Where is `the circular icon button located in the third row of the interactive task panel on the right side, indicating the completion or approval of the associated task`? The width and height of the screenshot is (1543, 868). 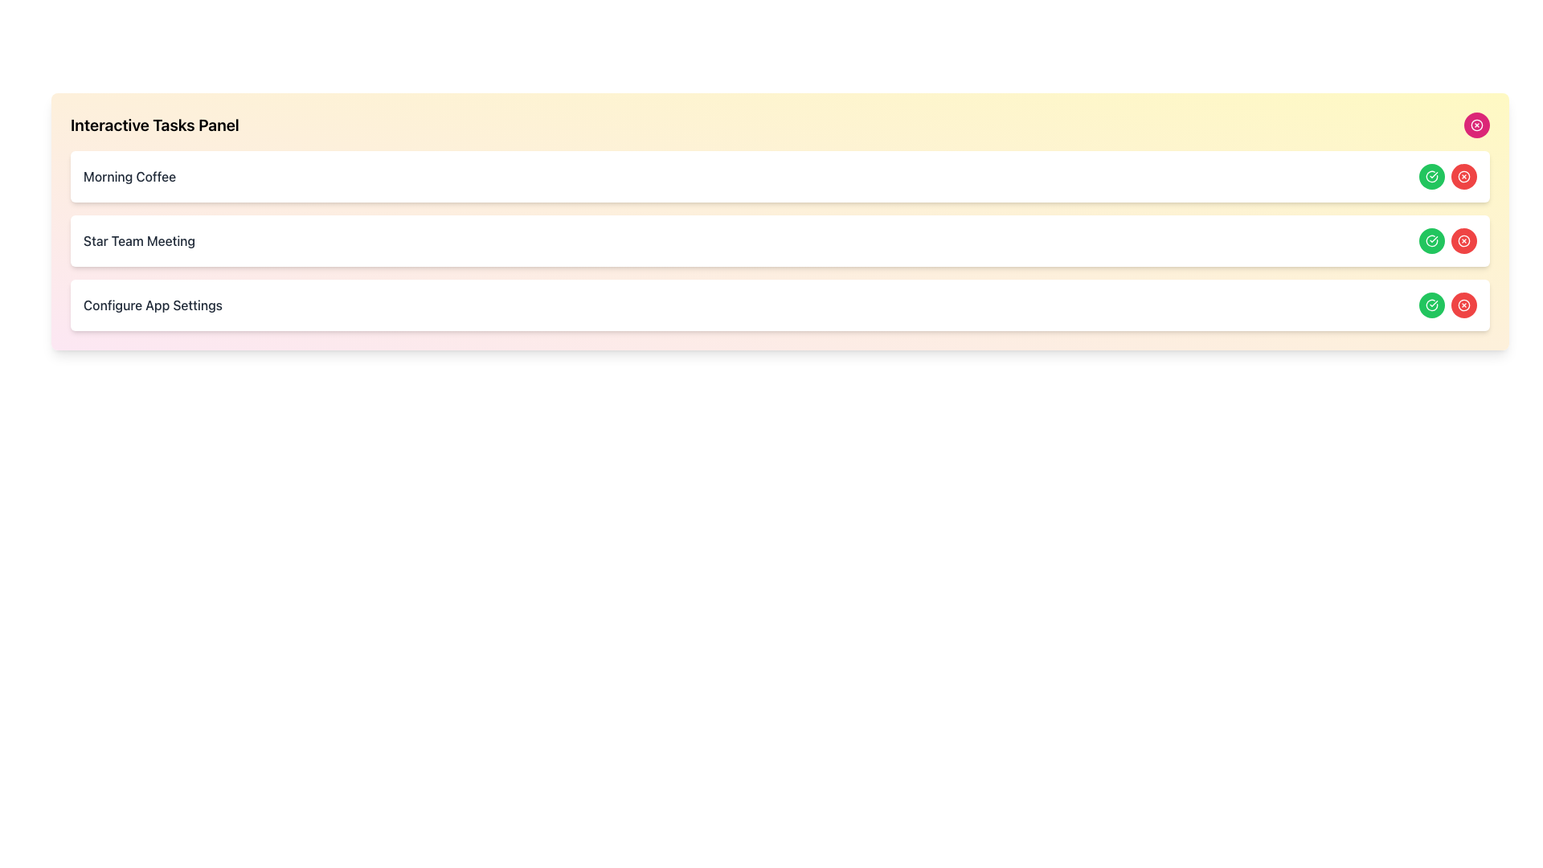
the circular icon button located in the third row of the interactive task panel on the right side, indicating the completion or approval of the associated task is located at coordinates (1431, 305).